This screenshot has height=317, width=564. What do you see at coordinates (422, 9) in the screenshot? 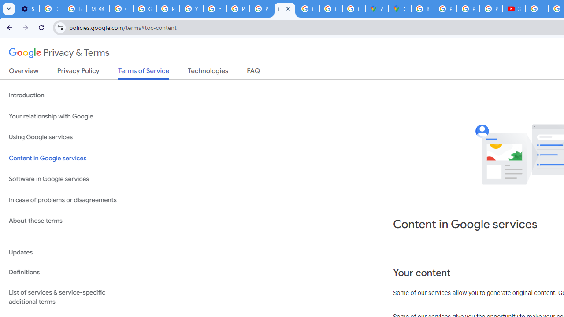
I see `'Blogger Policies and Guidelines - Transparency Center'` at bounding box center [422, 9].